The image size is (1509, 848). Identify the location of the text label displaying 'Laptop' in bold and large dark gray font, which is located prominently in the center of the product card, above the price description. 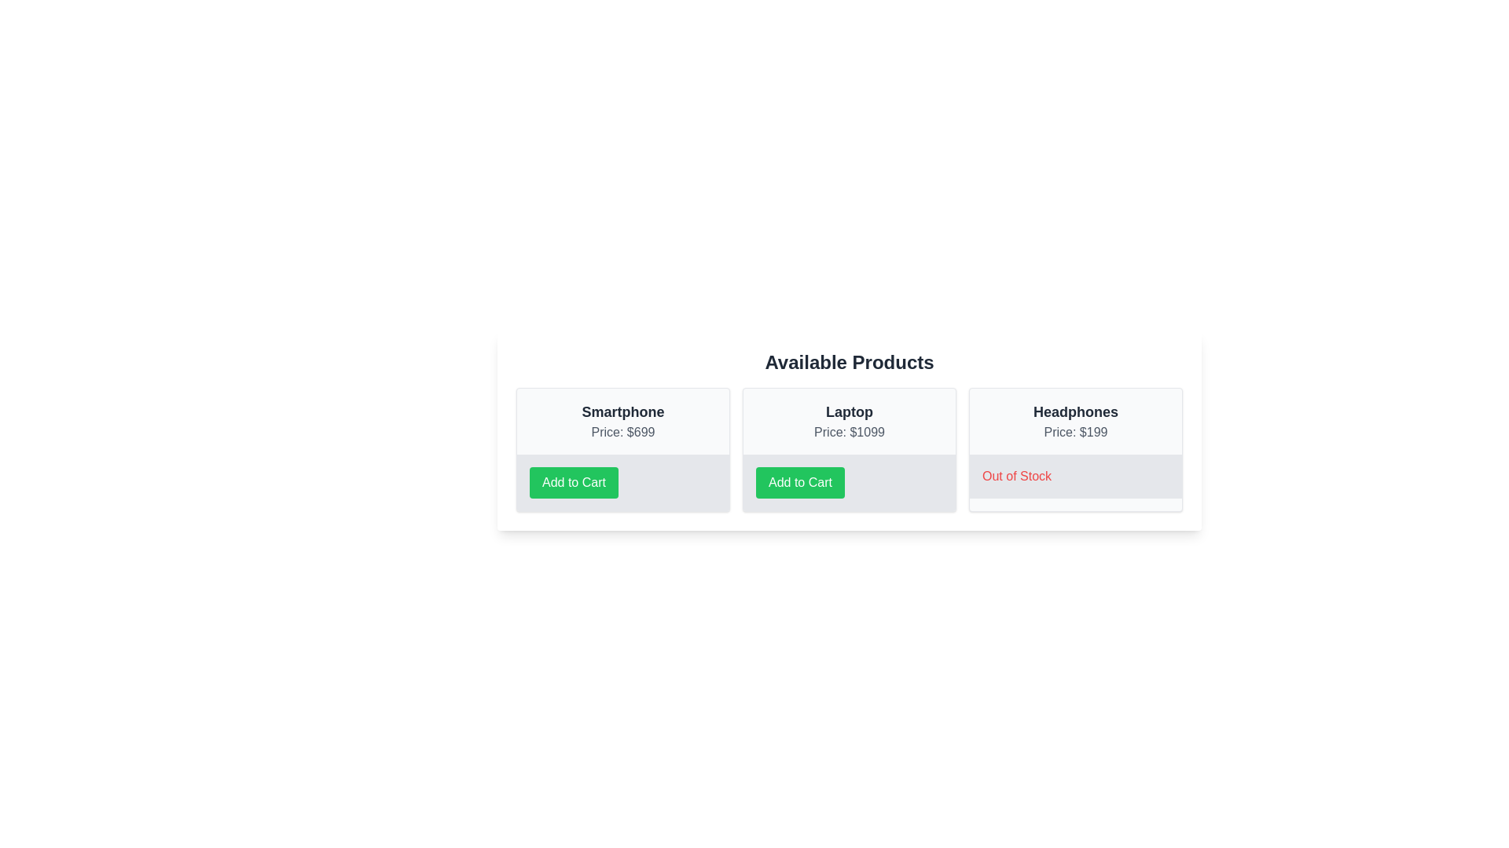
(848, 411).